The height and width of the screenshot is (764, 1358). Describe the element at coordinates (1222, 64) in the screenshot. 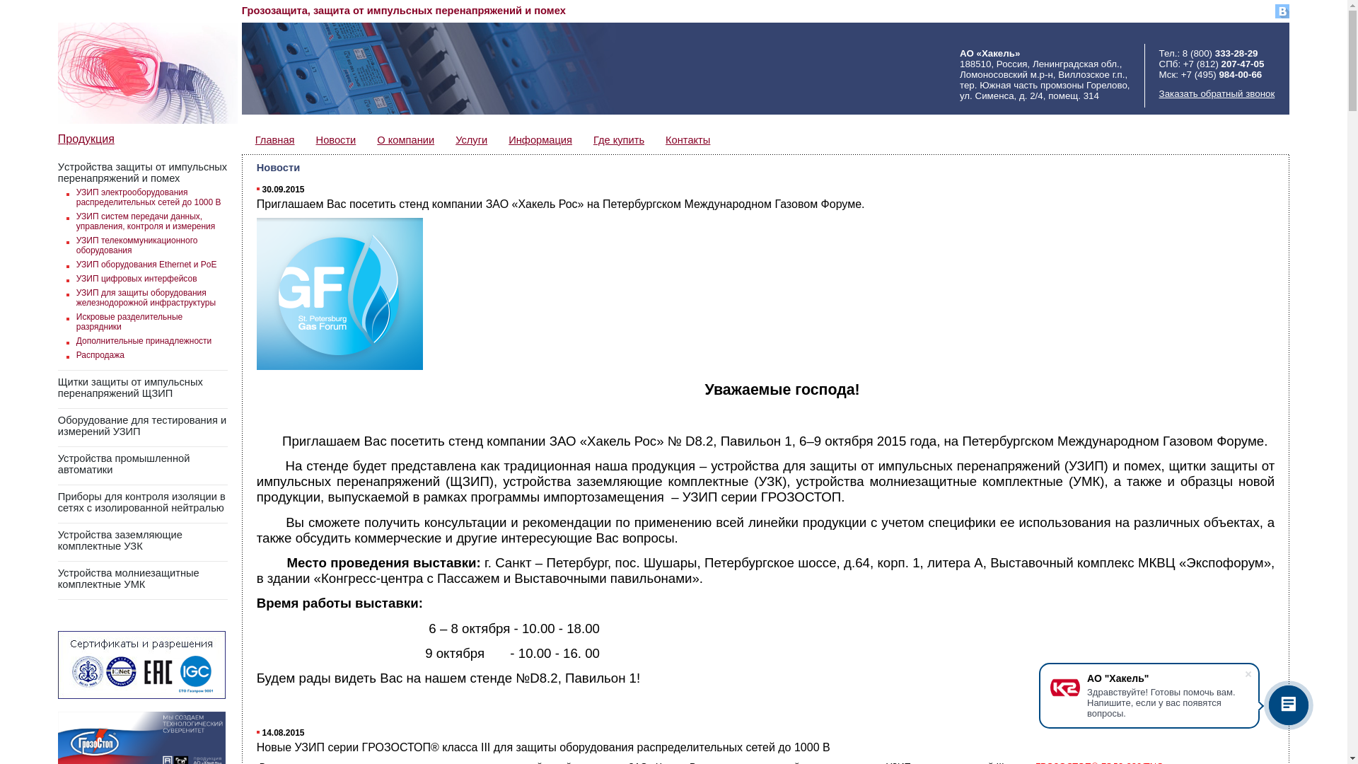

I see `'+7 (812) 207-47-05'` at that location.